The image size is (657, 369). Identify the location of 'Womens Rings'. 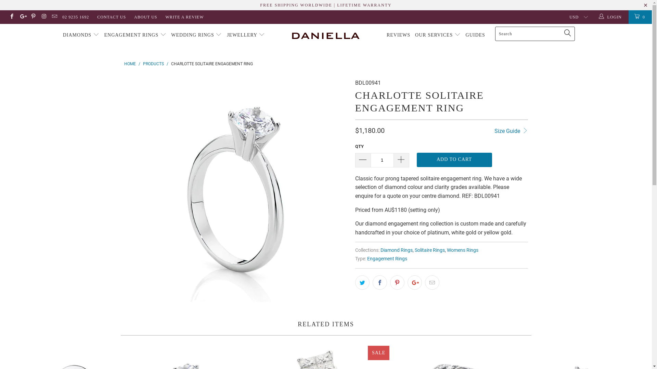
(463, 250).